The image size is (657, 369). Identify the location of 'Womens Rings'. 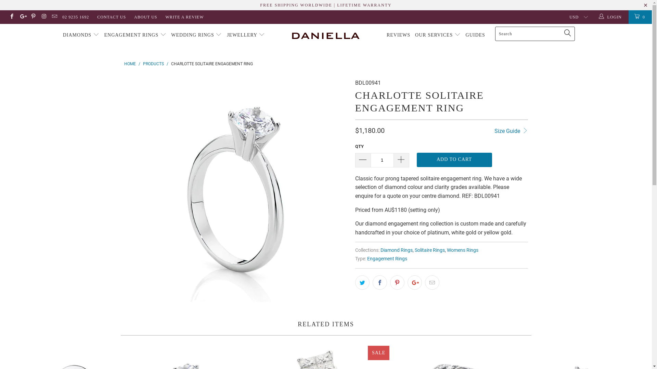
(463, 250).